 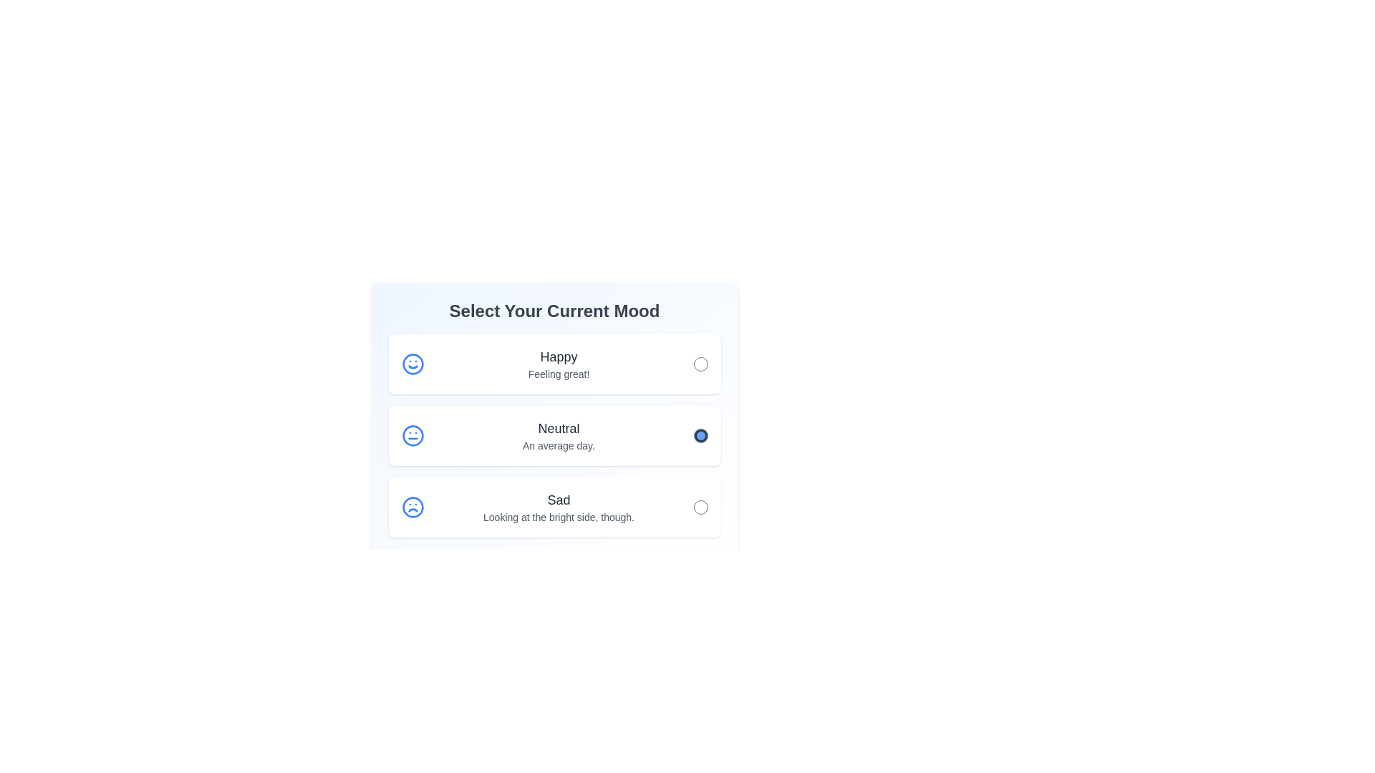 I want to click on the text label displaying 'Looking at the bright side, though.' which is styled in gray and located below the 'Sad' label in the mood selection interface, so click(x=558, y=517).